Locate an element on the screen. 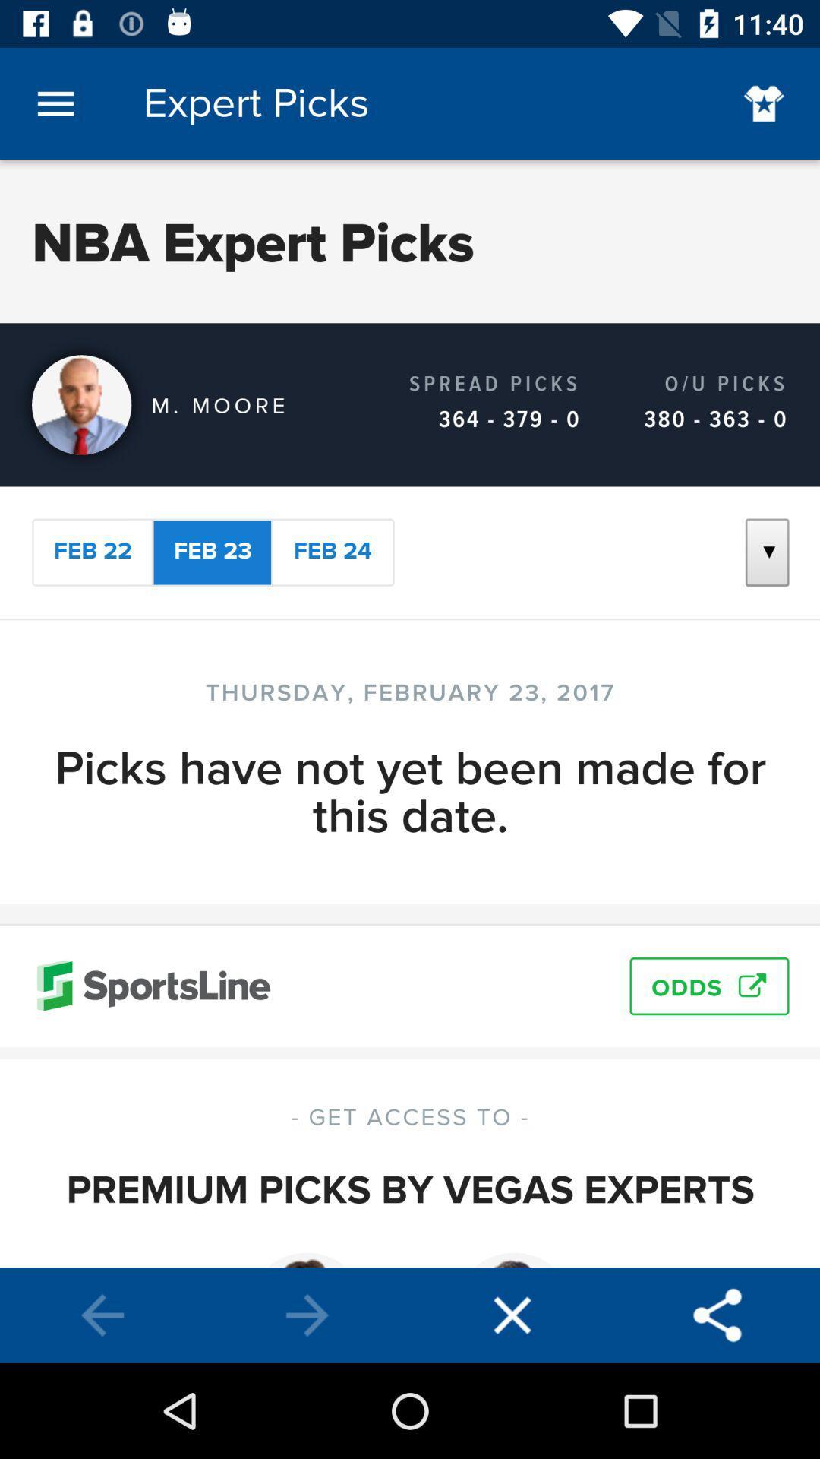 The height and width of the screenshot is (1459, 820). the share icon is located at coordinates (717, 1315).